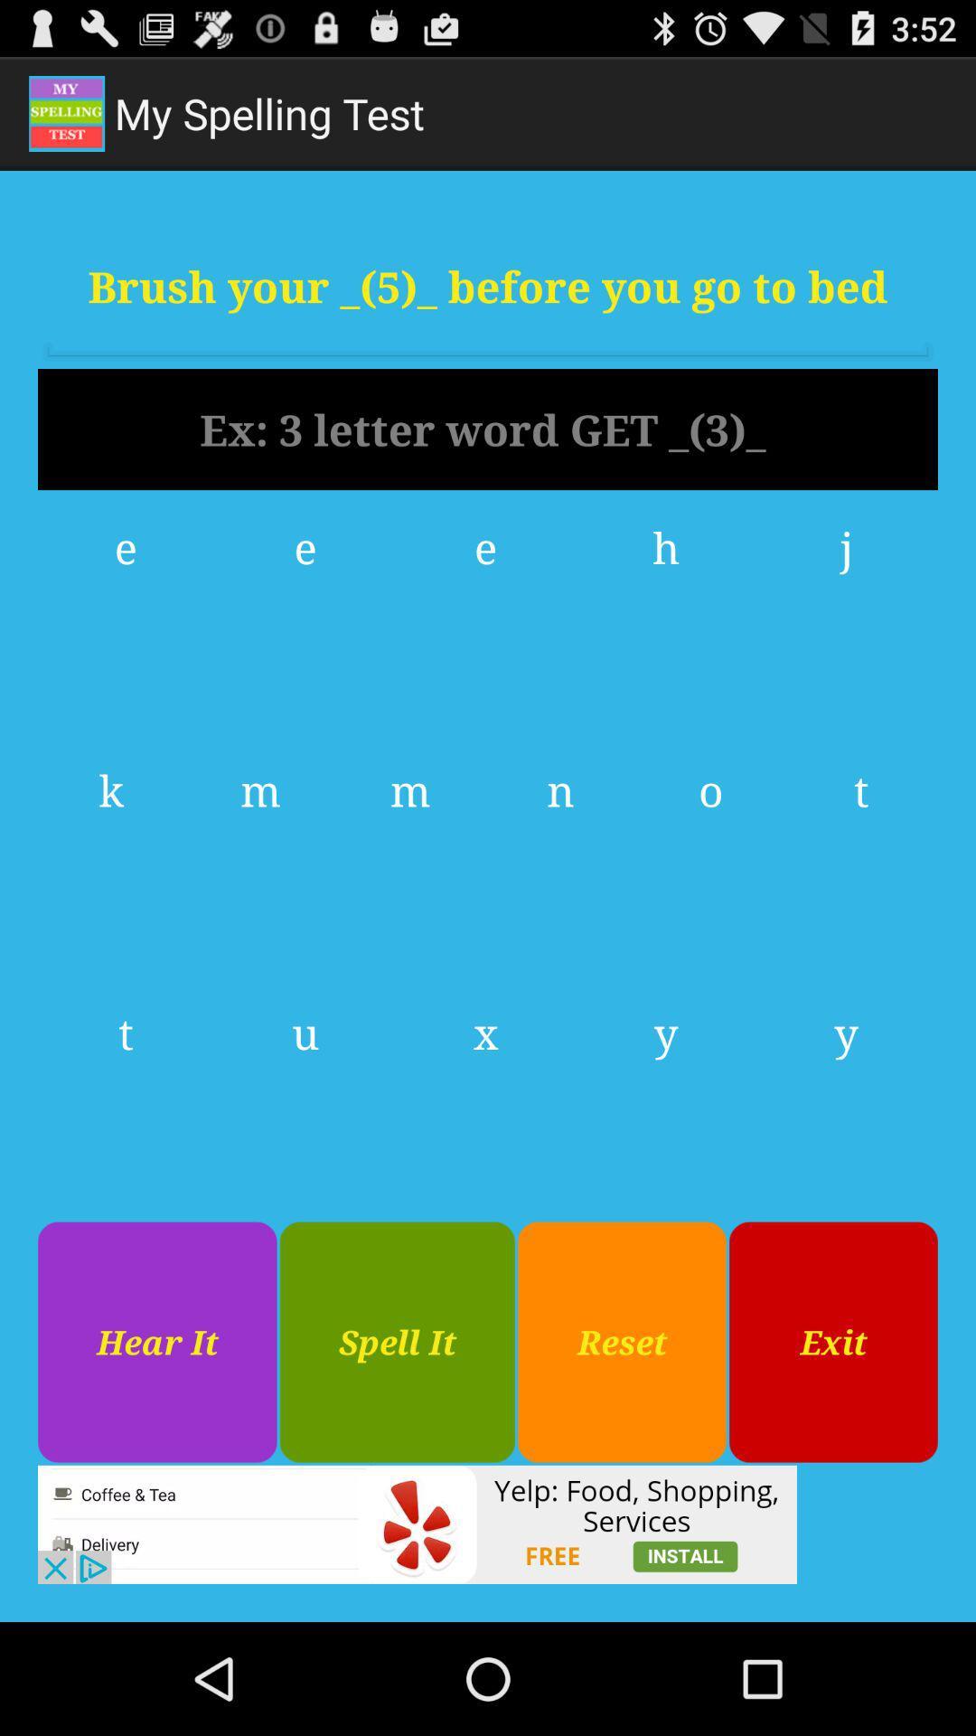 This screenshot has width=976, height=1736. Describe the element at coordinates (488, 429) in the screenshot. I see `data` at that location.